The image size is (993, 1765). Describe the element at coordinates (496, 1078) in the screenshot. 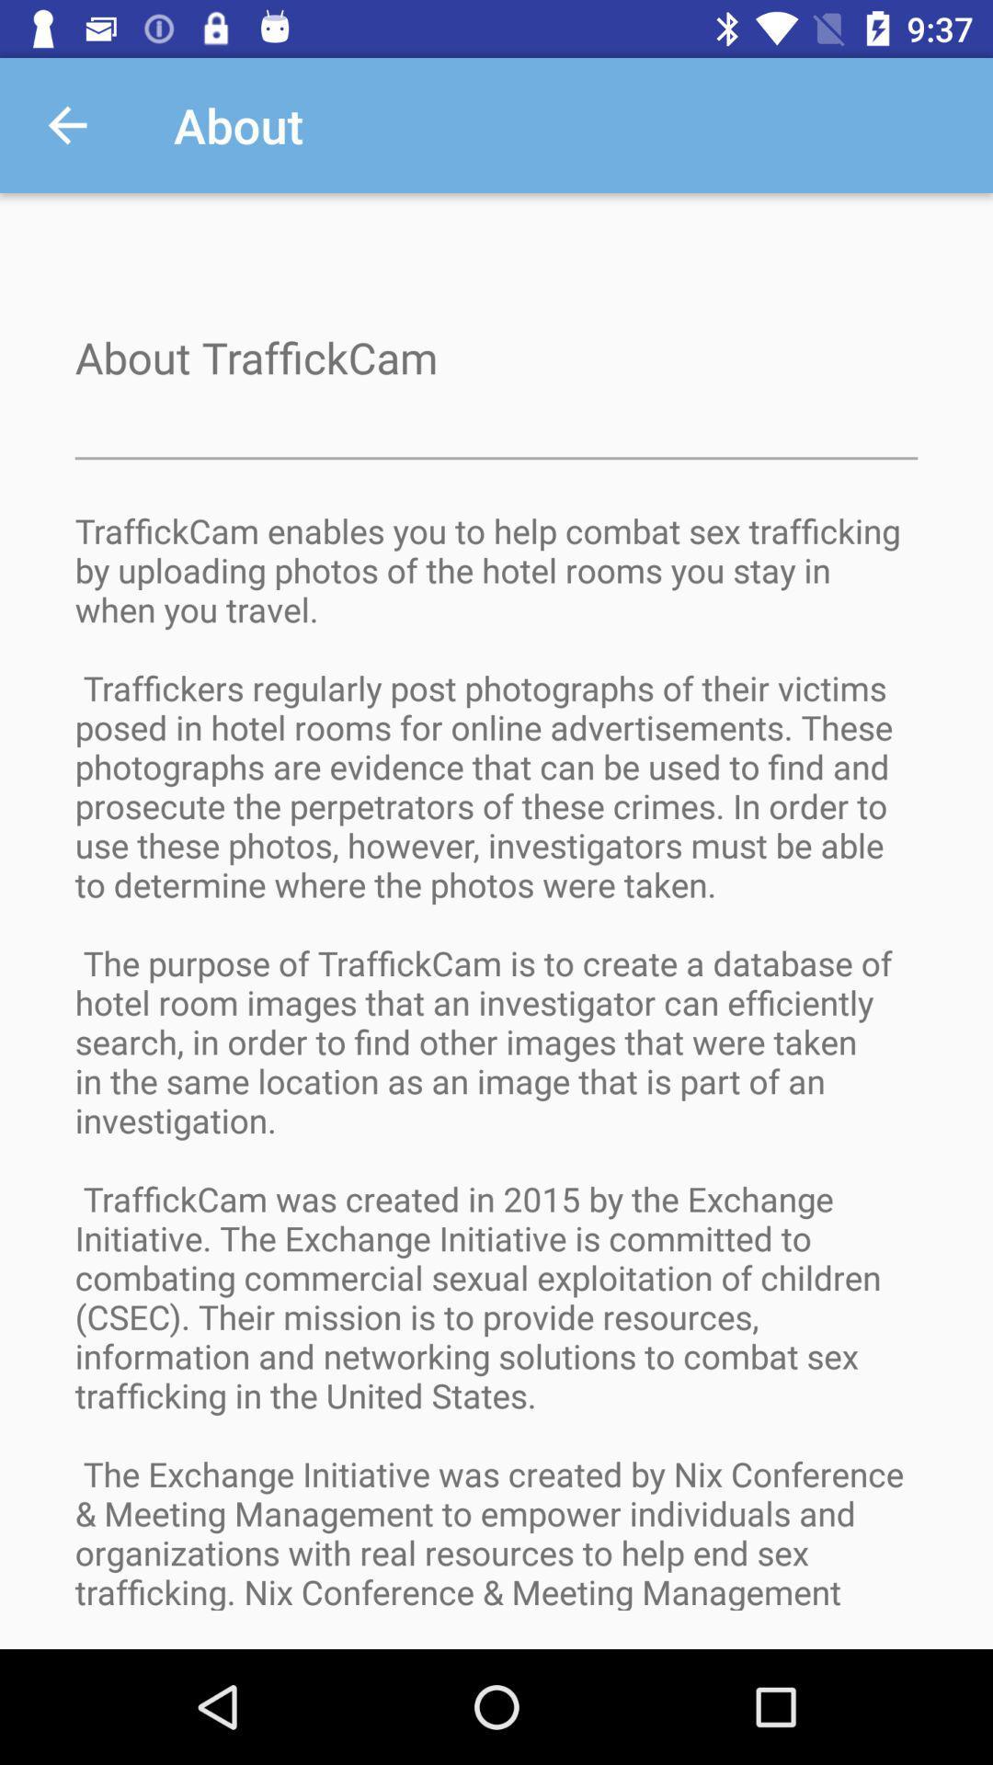

I see `traffickcam enables you` at that location.